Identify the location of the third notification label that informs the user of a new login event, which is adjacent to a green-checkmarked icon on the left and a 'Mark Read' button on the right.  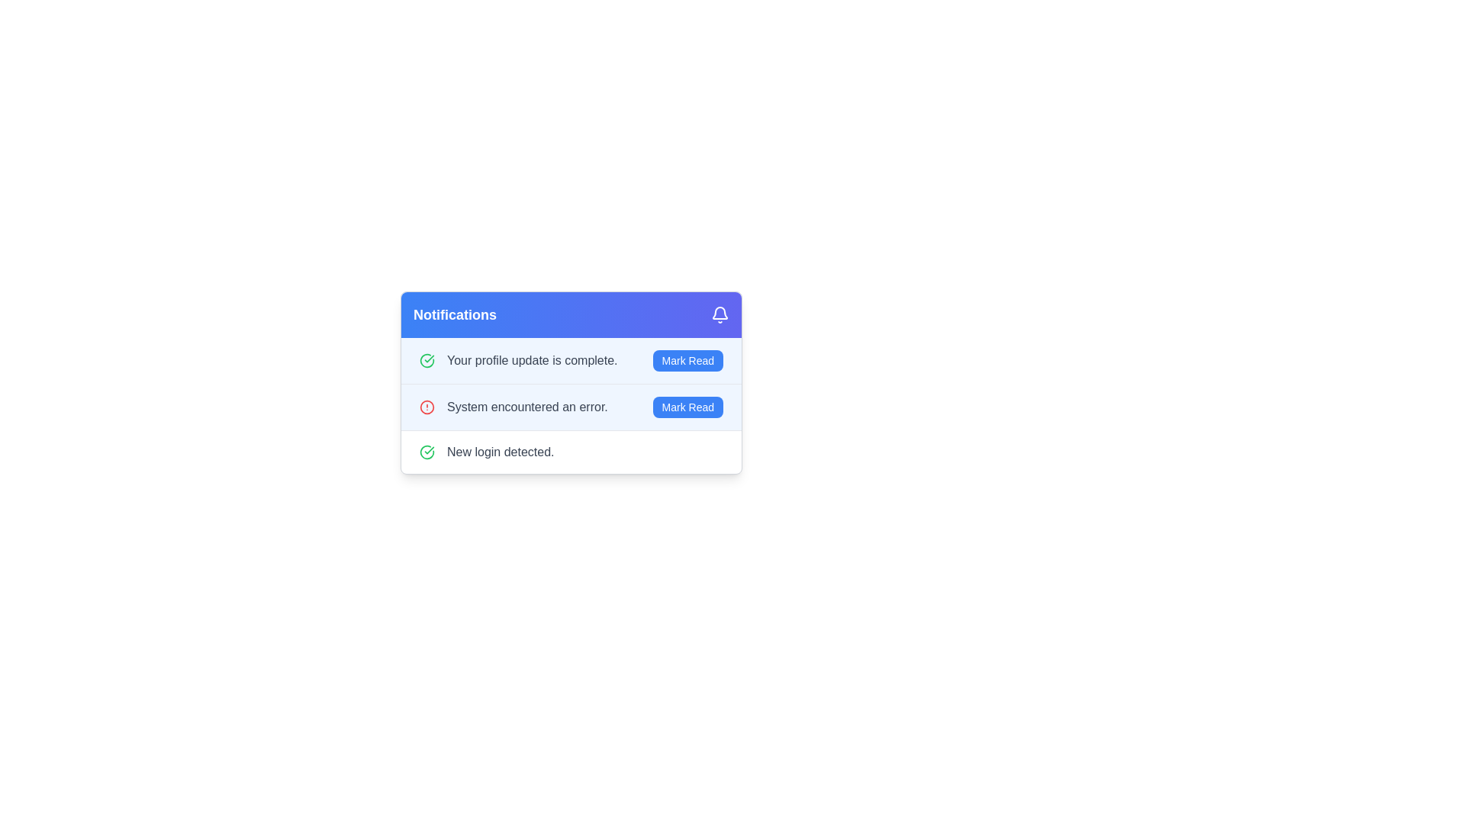
(501, 452).